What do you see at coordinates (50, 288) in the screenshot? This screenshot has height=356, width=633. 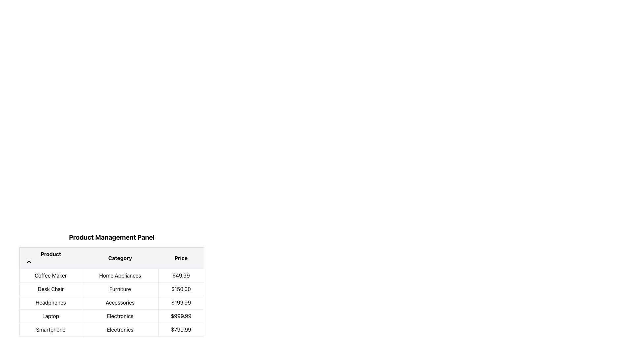 I see `text 'Desk Chair' from the text label displayed in bold within the bordered cell in the second row of the table under the 'Product' column` at bounding box center [50, 288].